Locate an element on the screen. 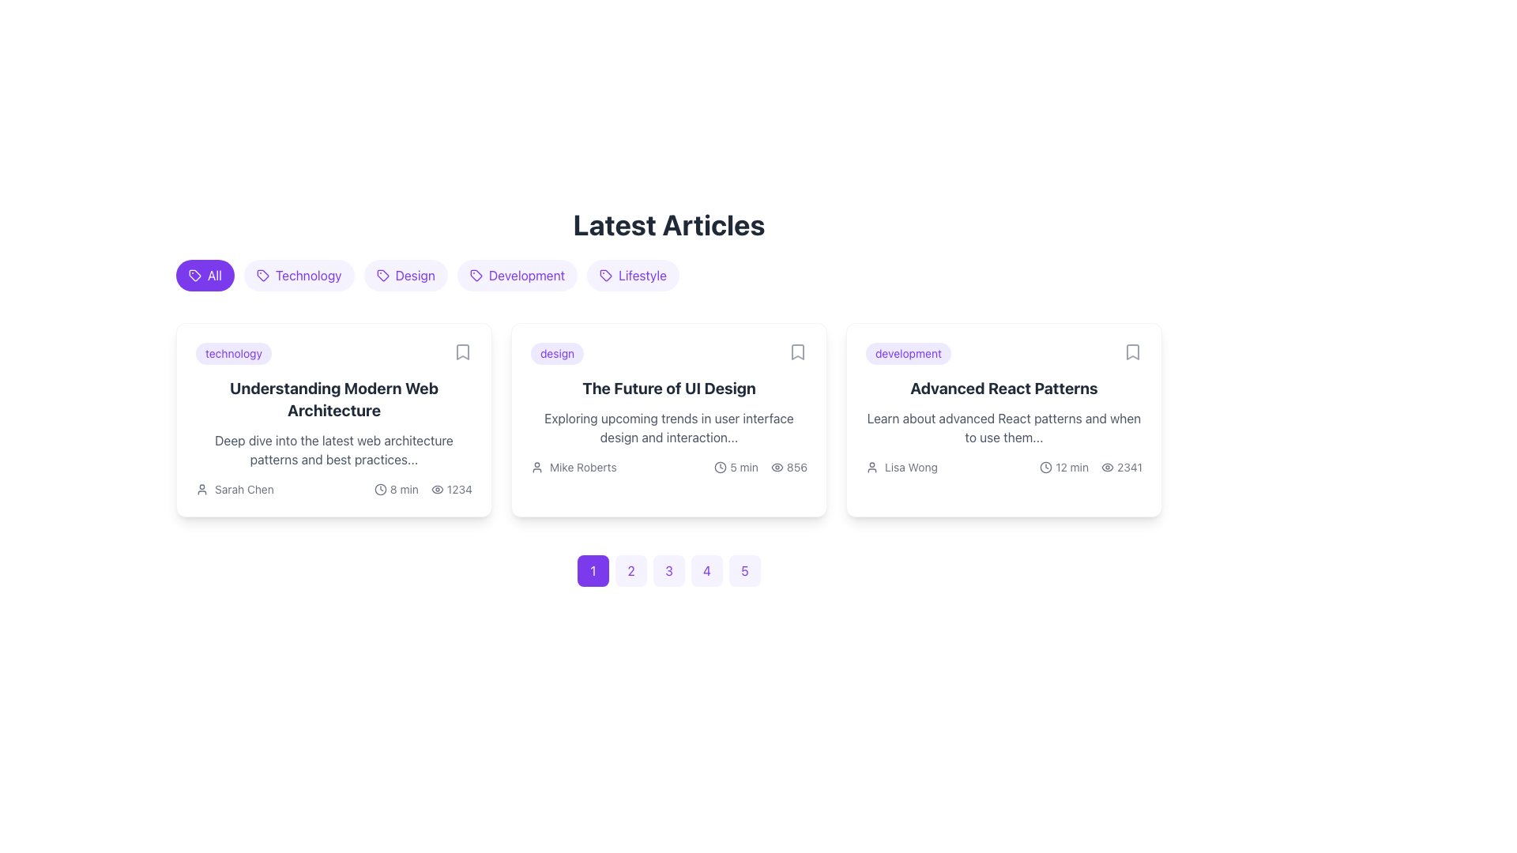  the circular button displaying the number '4' with a light violet background is located at coordinates (706, 570).